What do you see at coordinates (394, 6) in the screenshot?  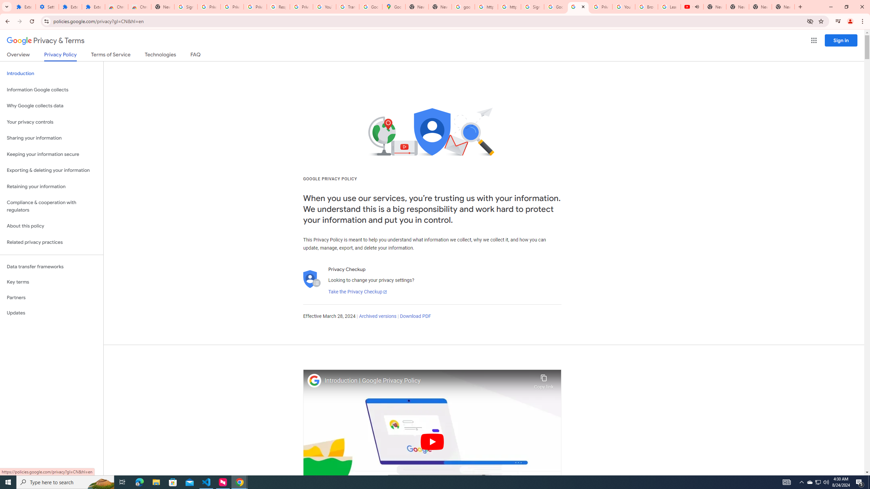 I see `'Google Maps'` at bounding box center [394, 6].